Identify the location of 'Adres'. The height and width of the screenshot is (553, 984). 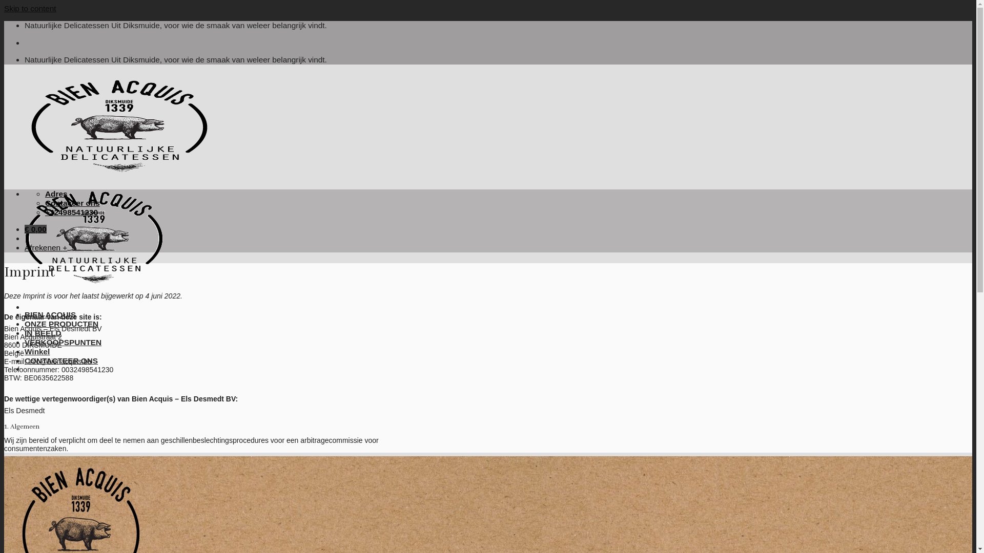
(56, 194).